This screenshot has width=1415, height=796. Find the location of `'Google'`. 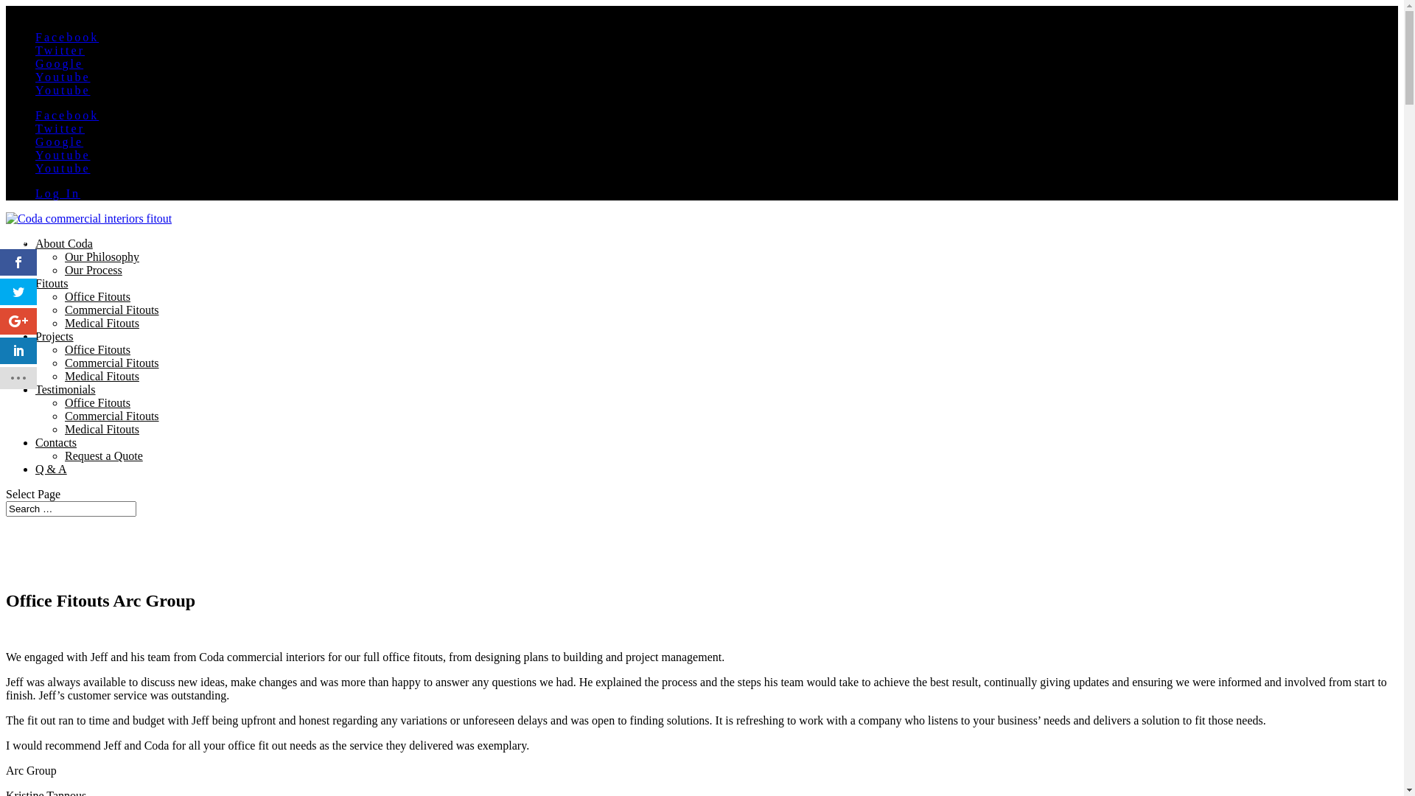

'Google' is located at coordinates (59, 63).